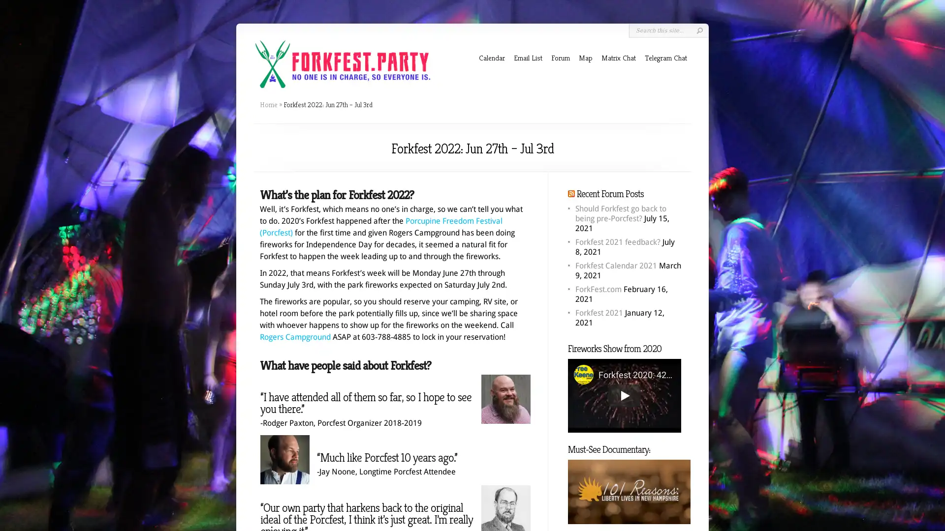  What do you see at coordinates (699, 30) in the screenshot?
I see `Submit` at bounding box center [699, 30].